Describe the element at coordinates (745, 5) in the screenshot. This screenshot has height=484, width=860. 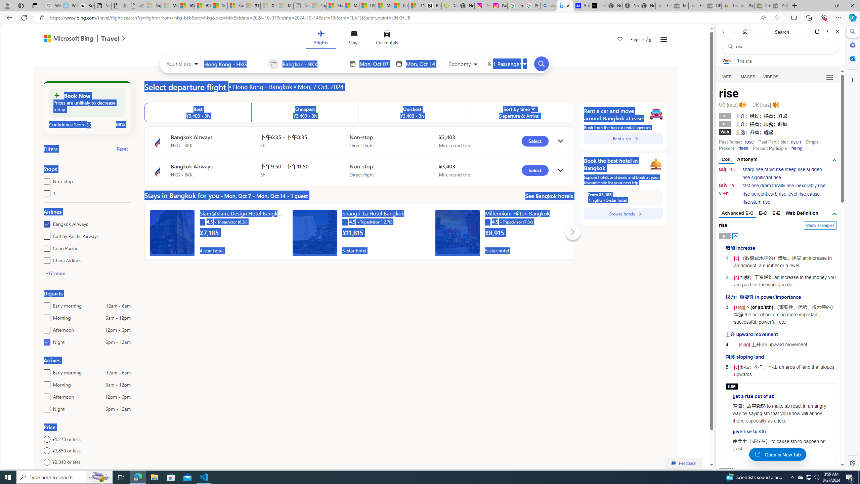
I see `'Payments Terms of Use | eBay.com - Sleeping'` at that location.